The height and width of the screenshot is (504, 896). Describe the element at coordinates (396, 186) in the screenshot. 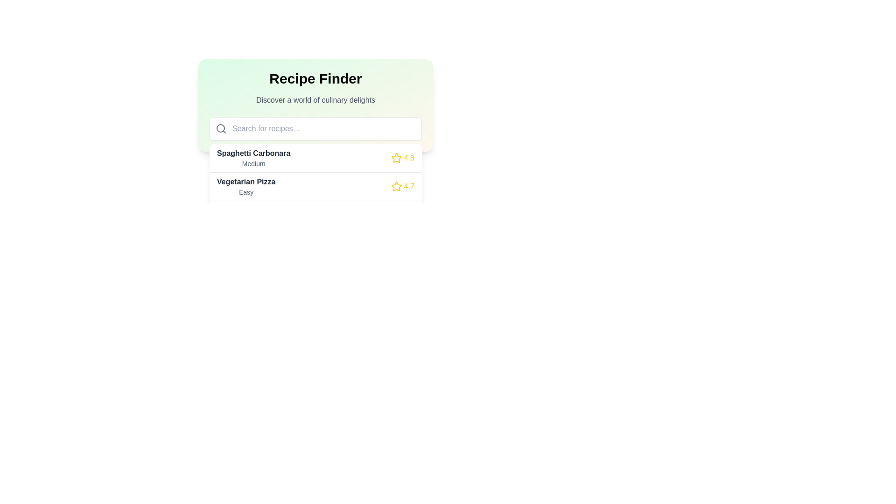

I see `the Star Icon that indicates the rating or favorite status for 'Vegetarian Pizza', located to the right of the second list item in the list view` at that location.